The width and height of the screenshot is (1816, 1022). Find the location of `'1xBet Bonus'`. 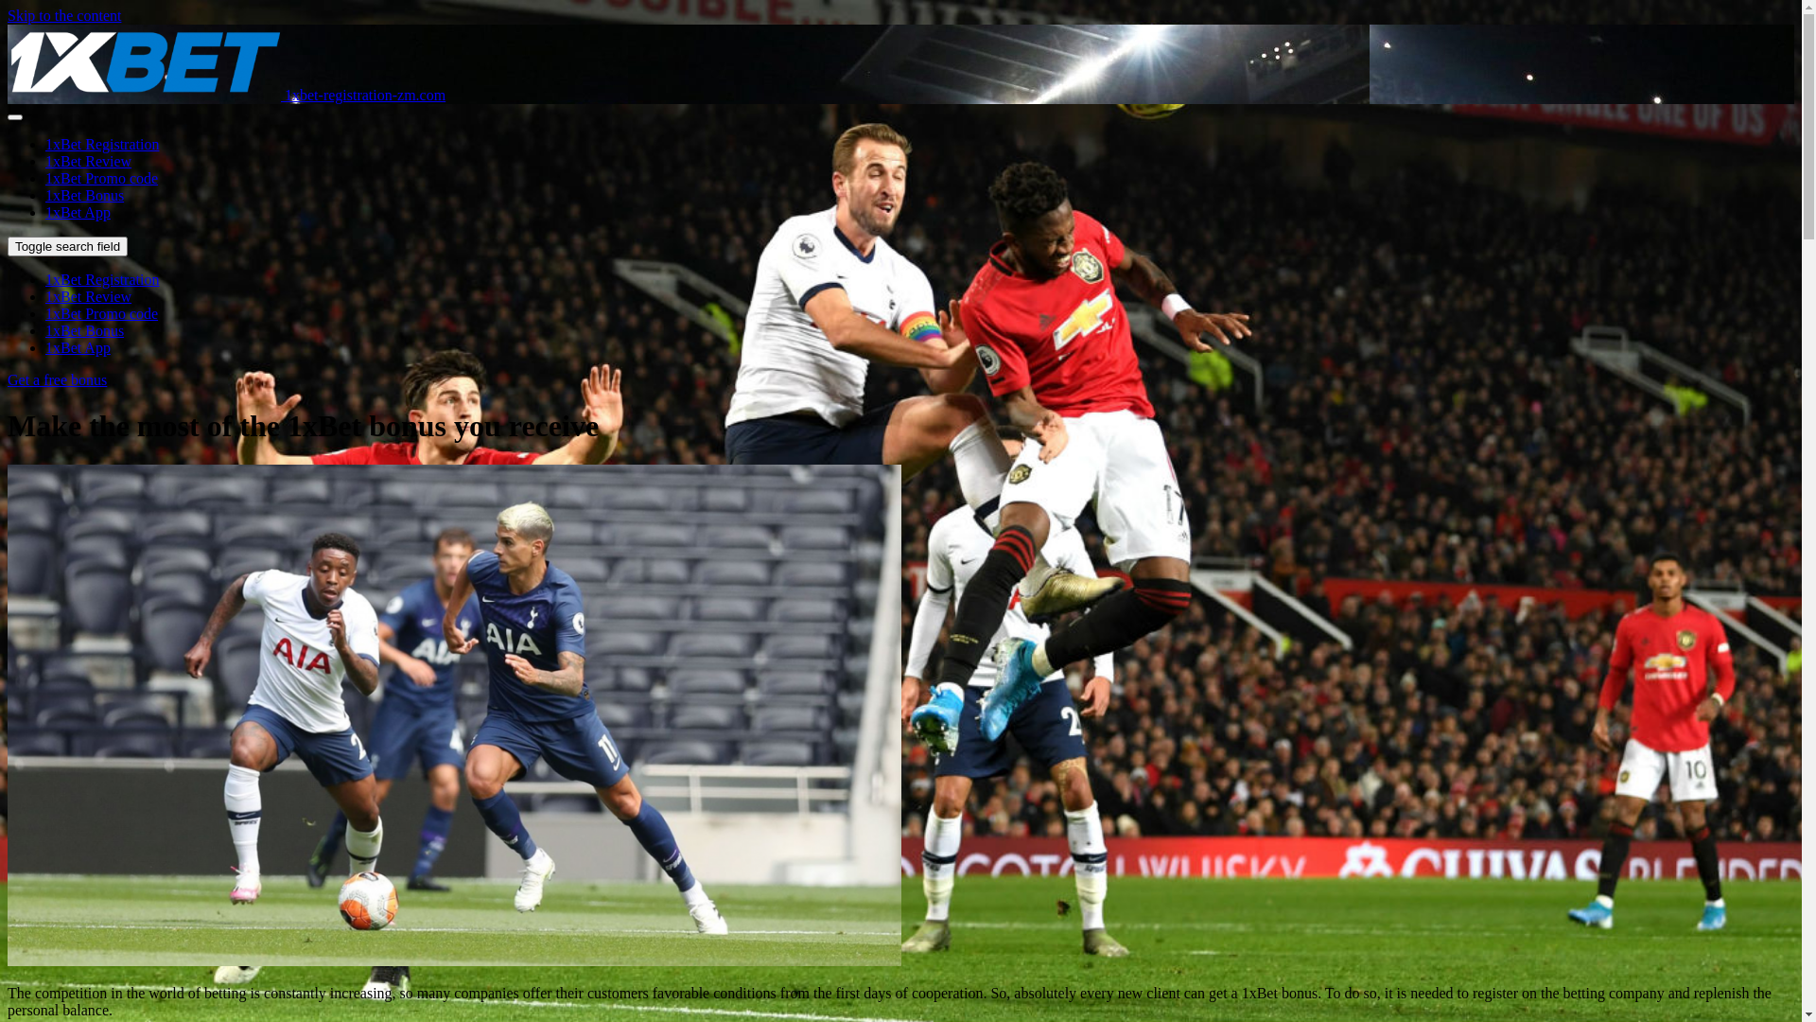

'1xBet Bonus' is located at coordinates (83, 195).